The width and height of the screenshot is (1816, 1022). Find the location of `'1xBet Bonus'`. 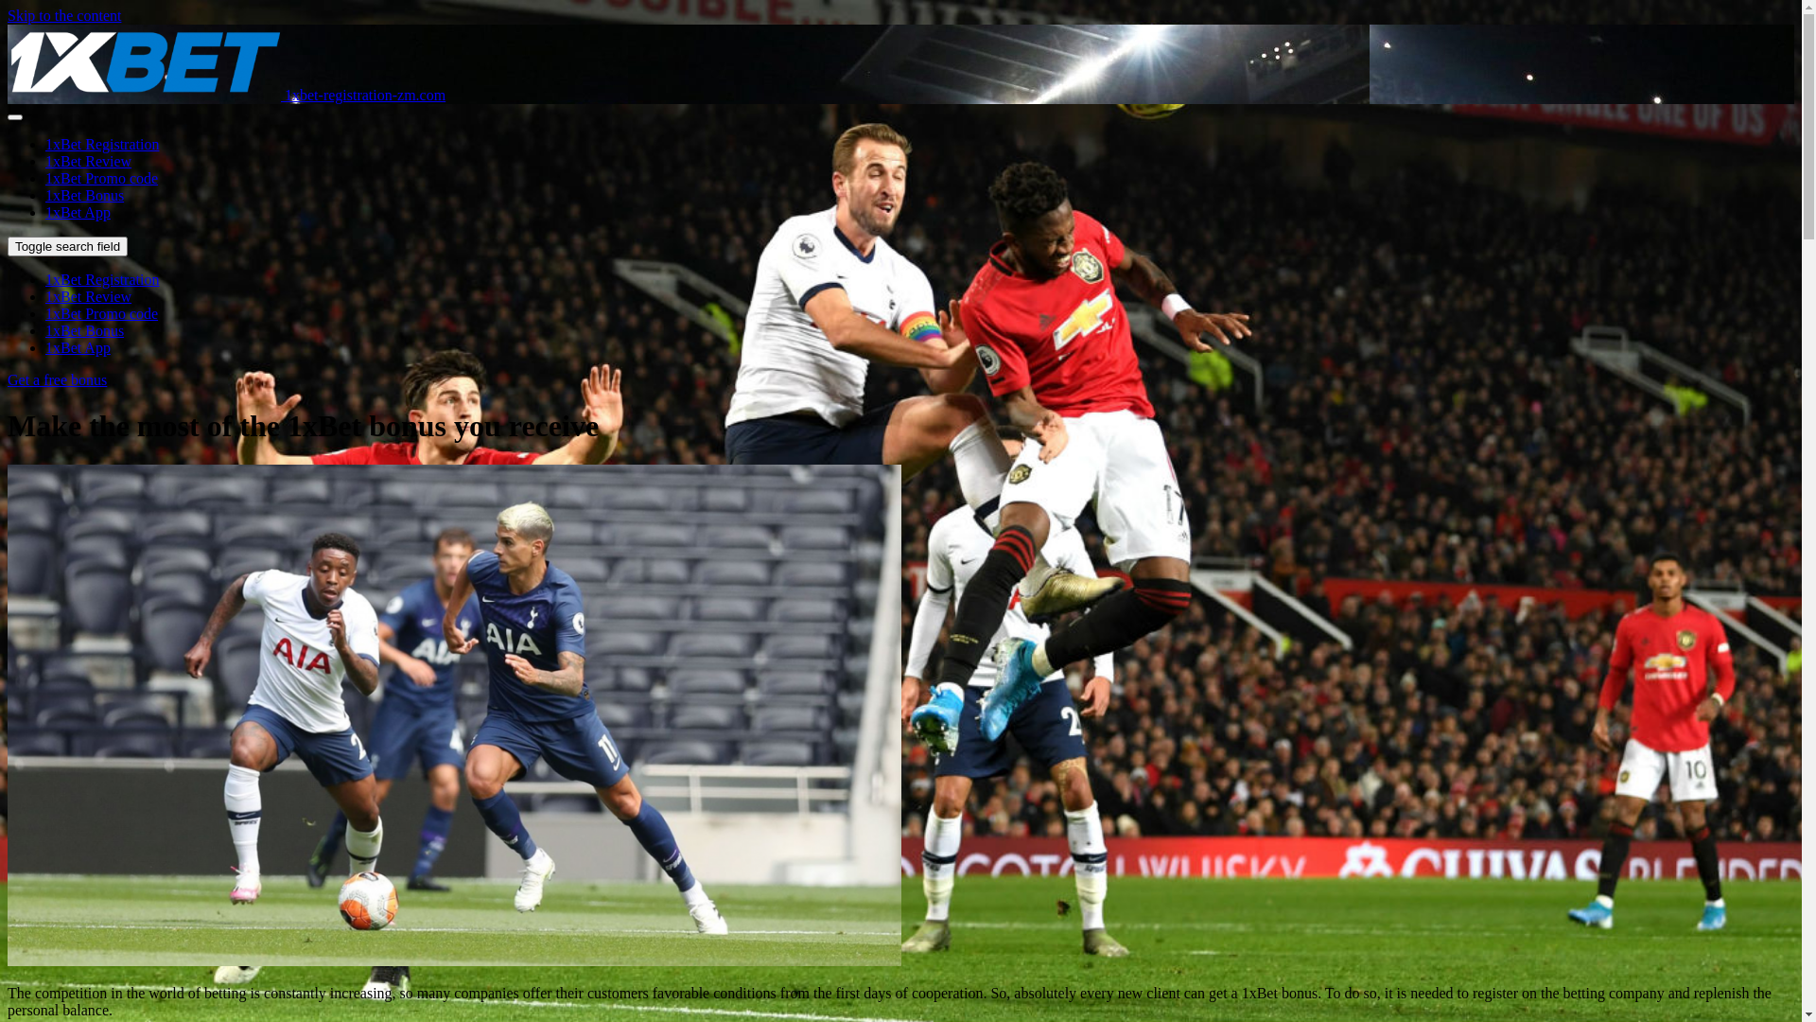

'1xBet Bonus' is located at coordinates (83, 195).